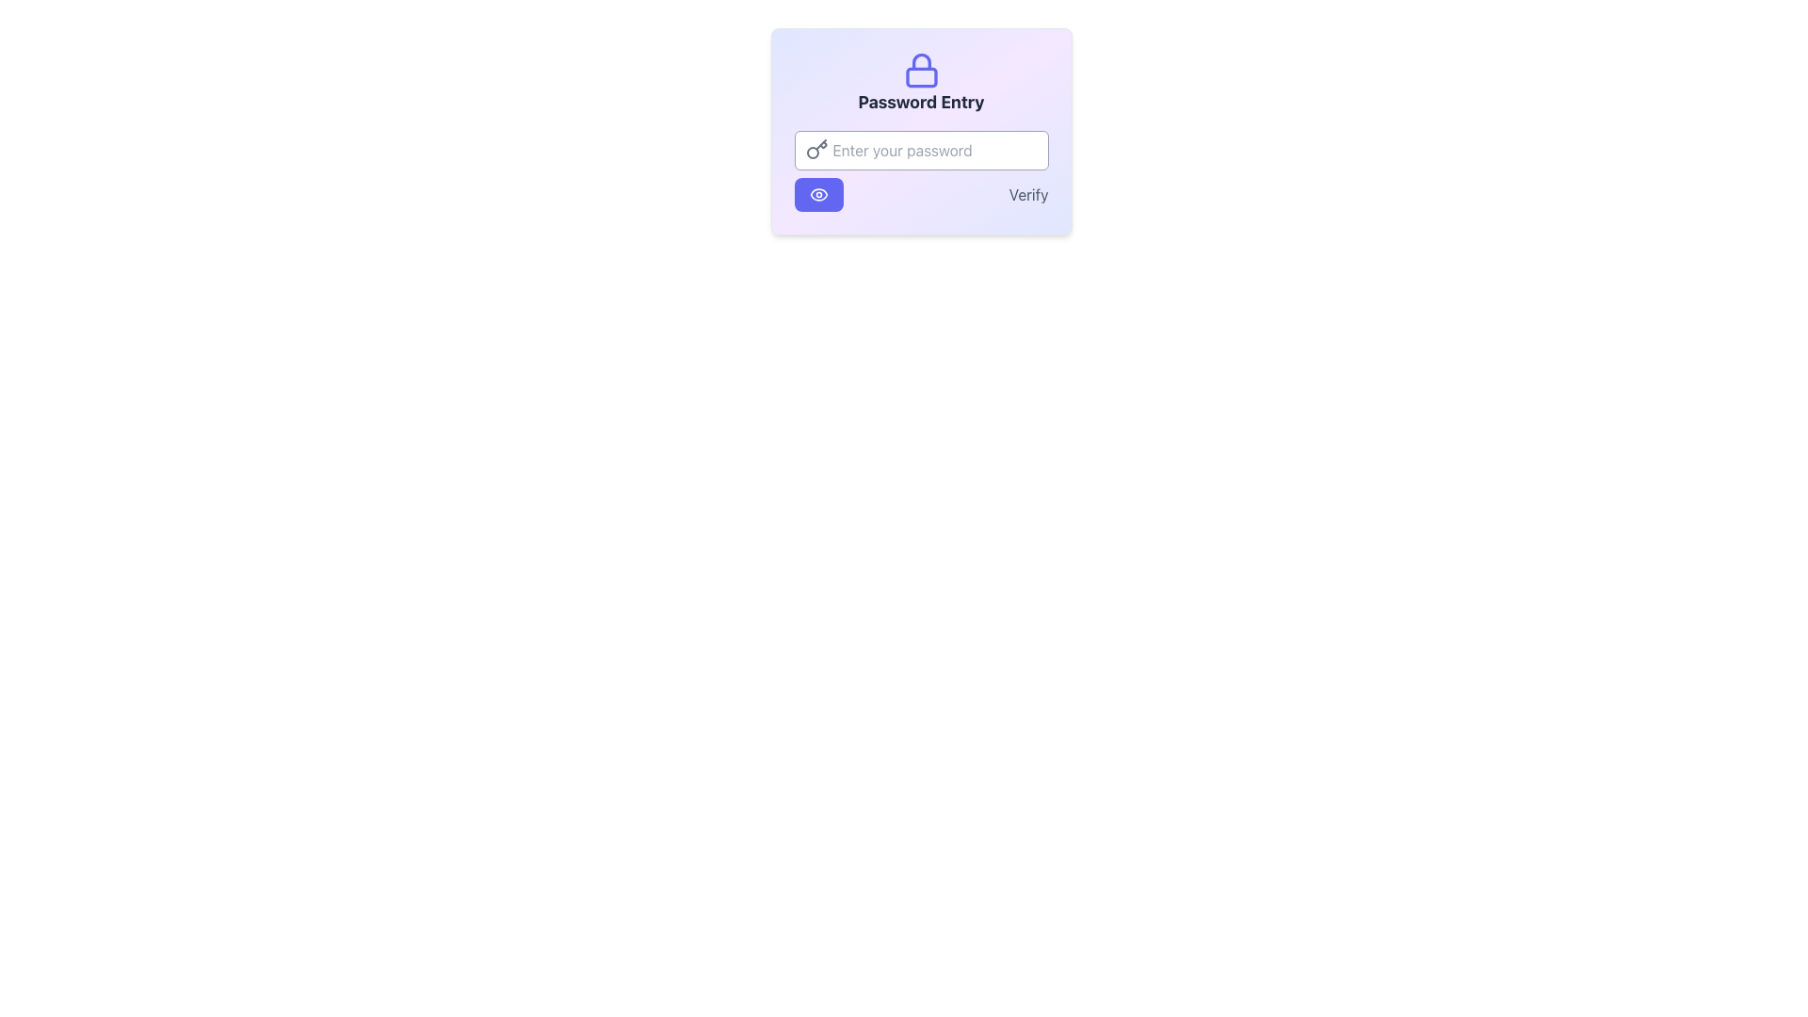  I want to click on the button with a white eye icon on a dark indigo background, so click(818, 195).